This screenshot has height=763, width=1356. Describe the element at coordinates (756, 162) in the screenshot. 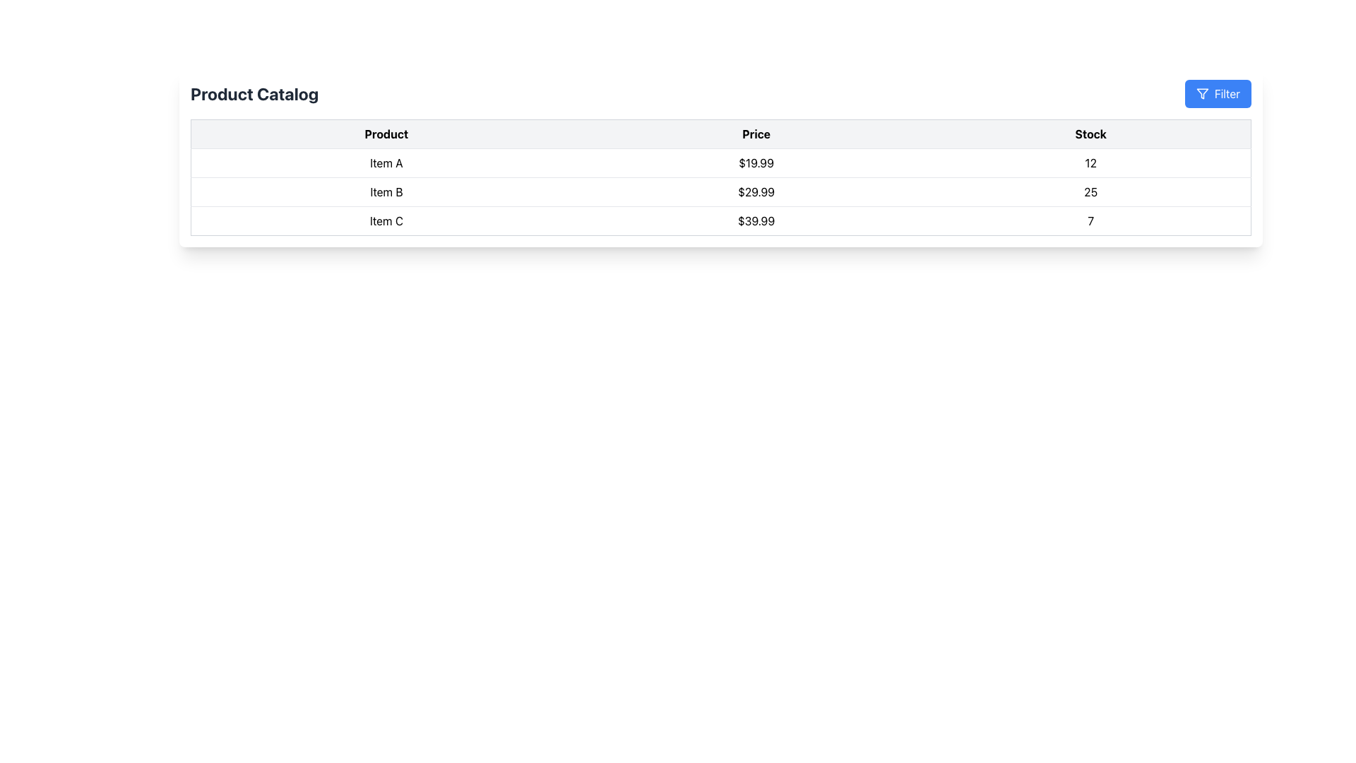

I see `the static text displaying the price '$19.99' which is centrally aligned in the second column of the table row for 'Item A'` at that location.